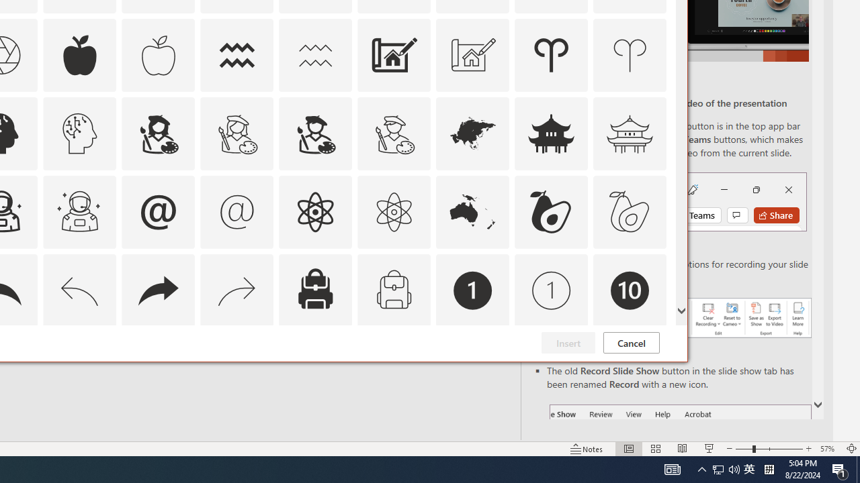  What do you see at coordinates (630, 54) in the screenshot?
I see `'AutomationID: Icons_Aries_M'` at bounding box center [630, 54].